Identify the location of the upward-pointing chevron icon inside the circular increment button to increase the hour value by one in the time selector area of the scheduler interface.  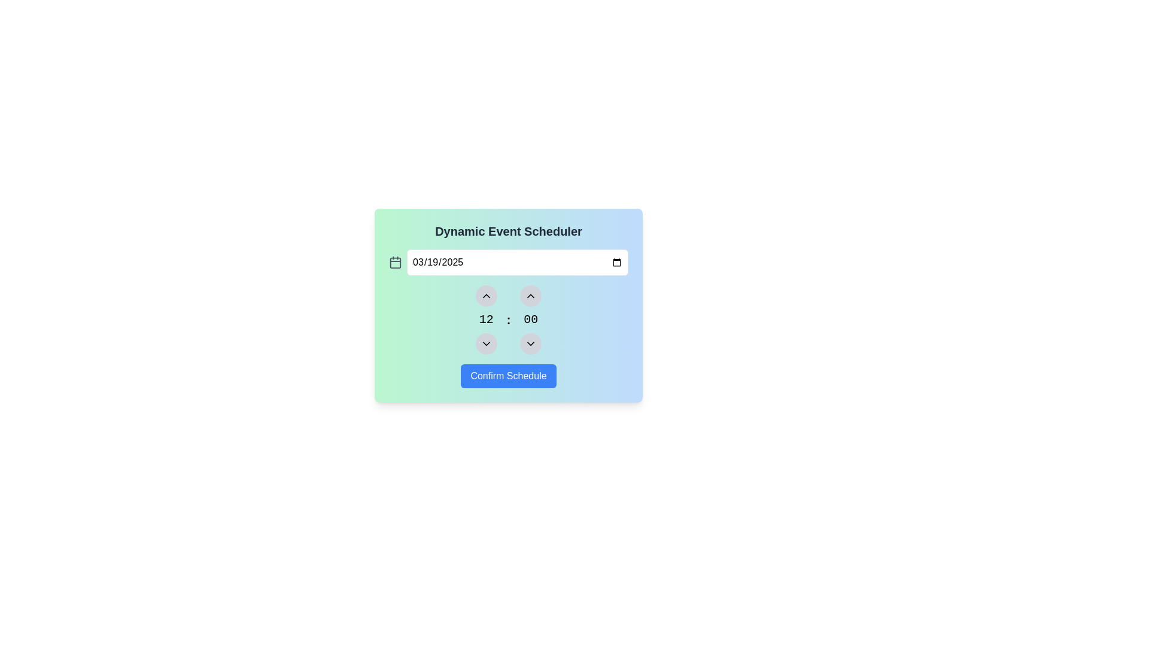
(530, 295).